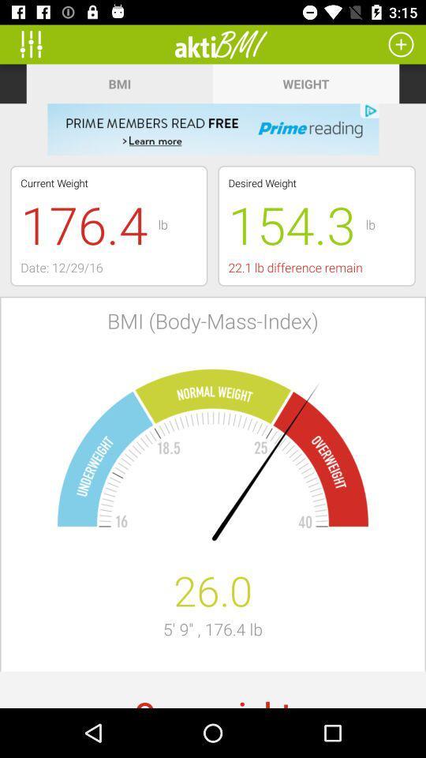  I want to click on icon below bmi, so click(213, 129).